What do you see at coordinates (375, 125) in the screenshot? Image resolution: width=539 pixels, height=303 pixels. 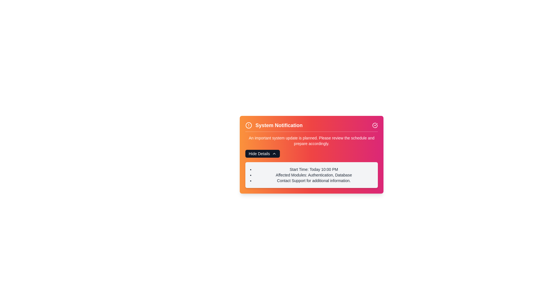 I see `the checkmark icon to mark the notification as read` at bounding box center [375, 125].